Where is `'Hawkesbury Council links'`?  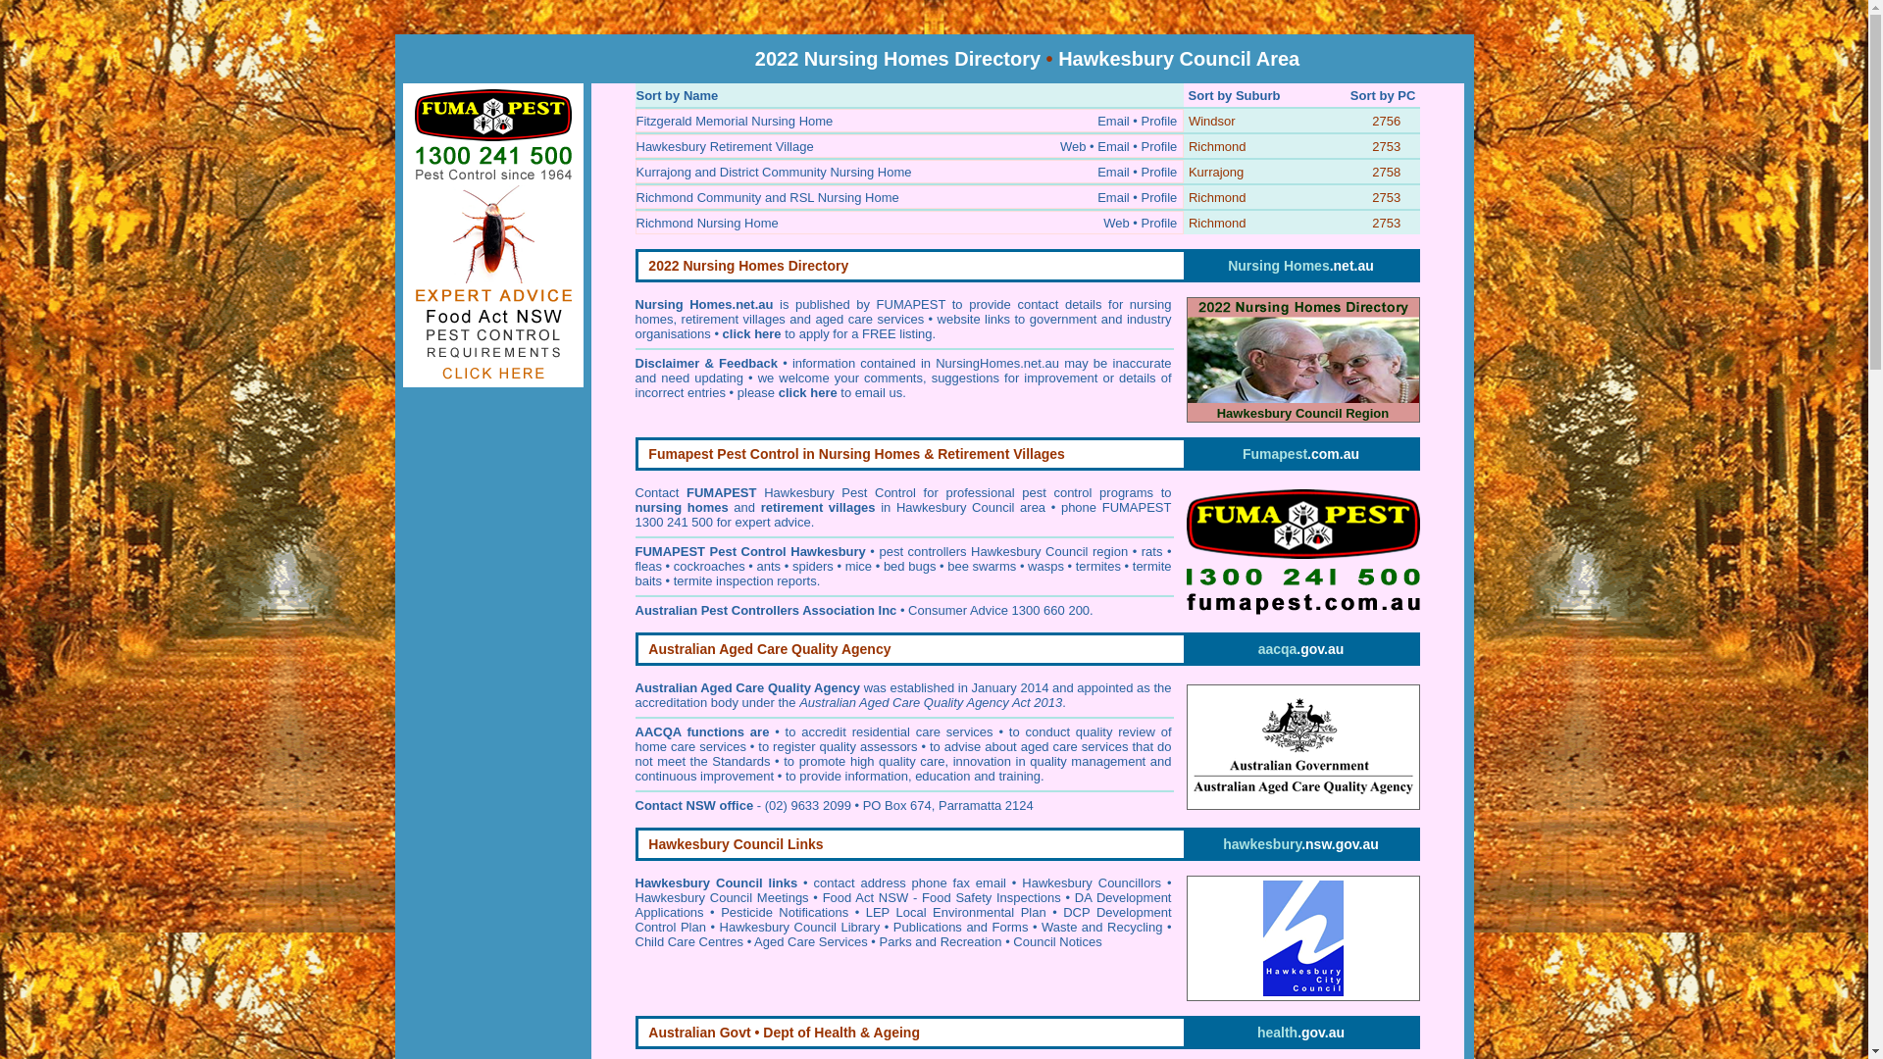
'Hawkesbury Council links' is located at coordinates (715, 882).